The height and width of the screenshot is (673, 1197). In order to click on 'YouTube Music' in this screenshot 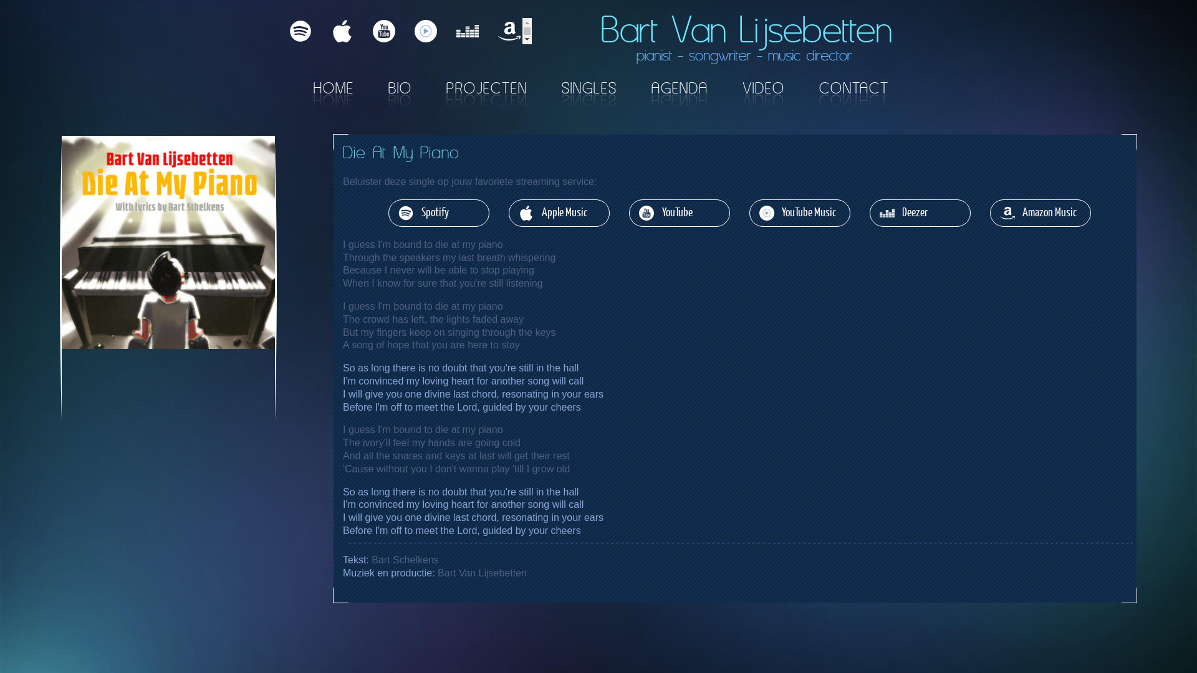, I will do `click(799, 212)`.